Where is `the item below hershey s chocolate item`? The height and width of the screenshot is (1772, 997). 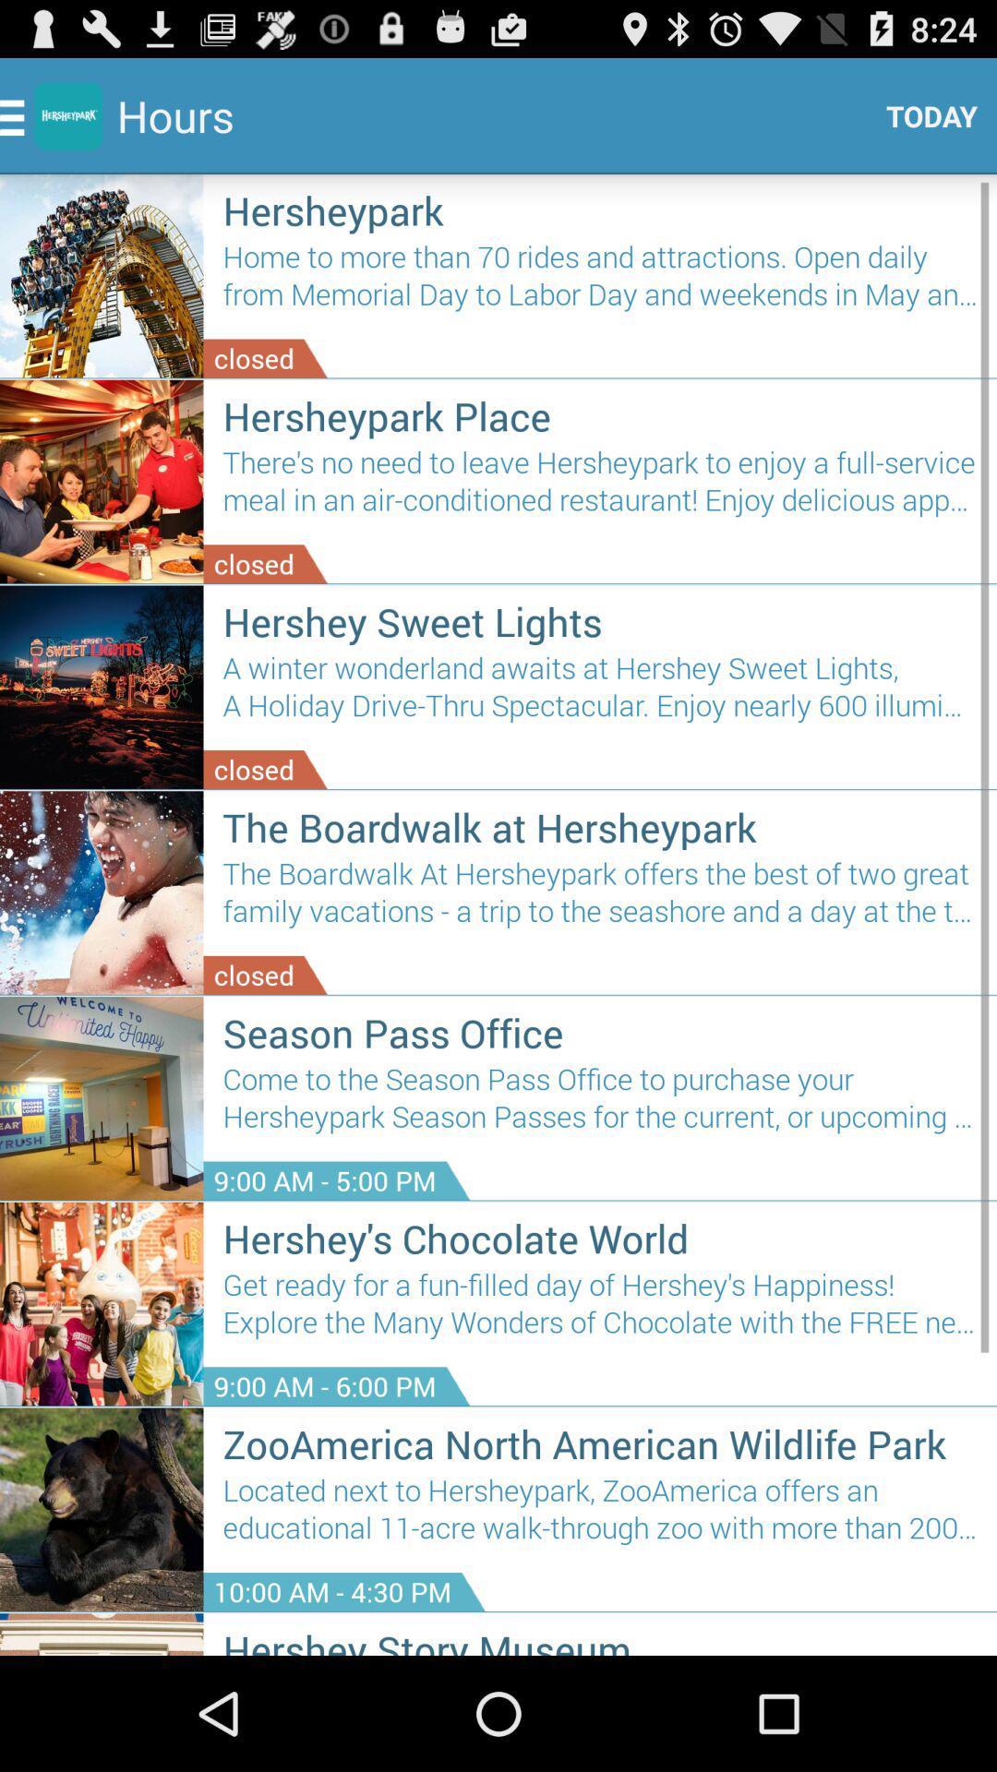 the item below hershey s chocolate item is located at coordinates (600, 1310).